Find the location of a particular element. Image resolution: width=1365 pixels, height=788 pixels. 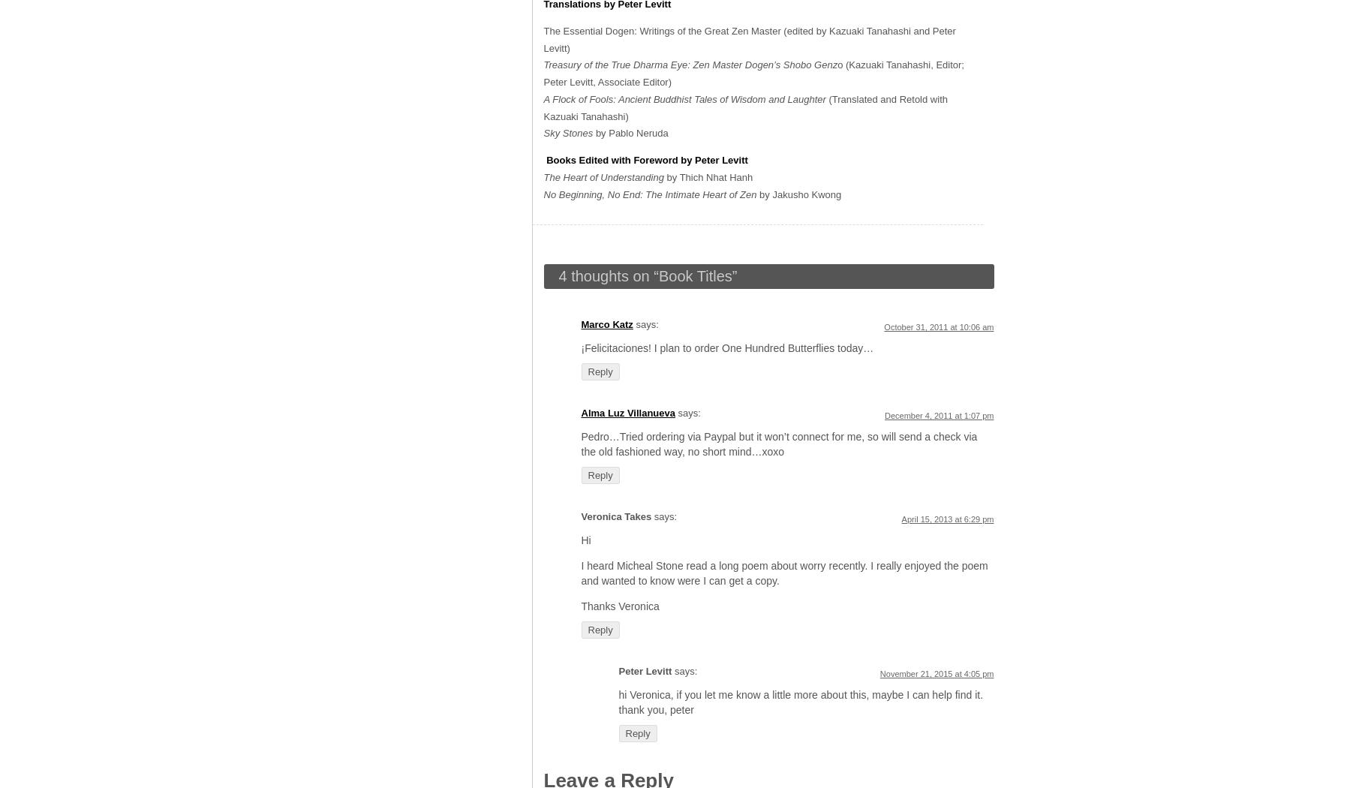

'4 thoughts on “' is located at coordinates (608, 275).